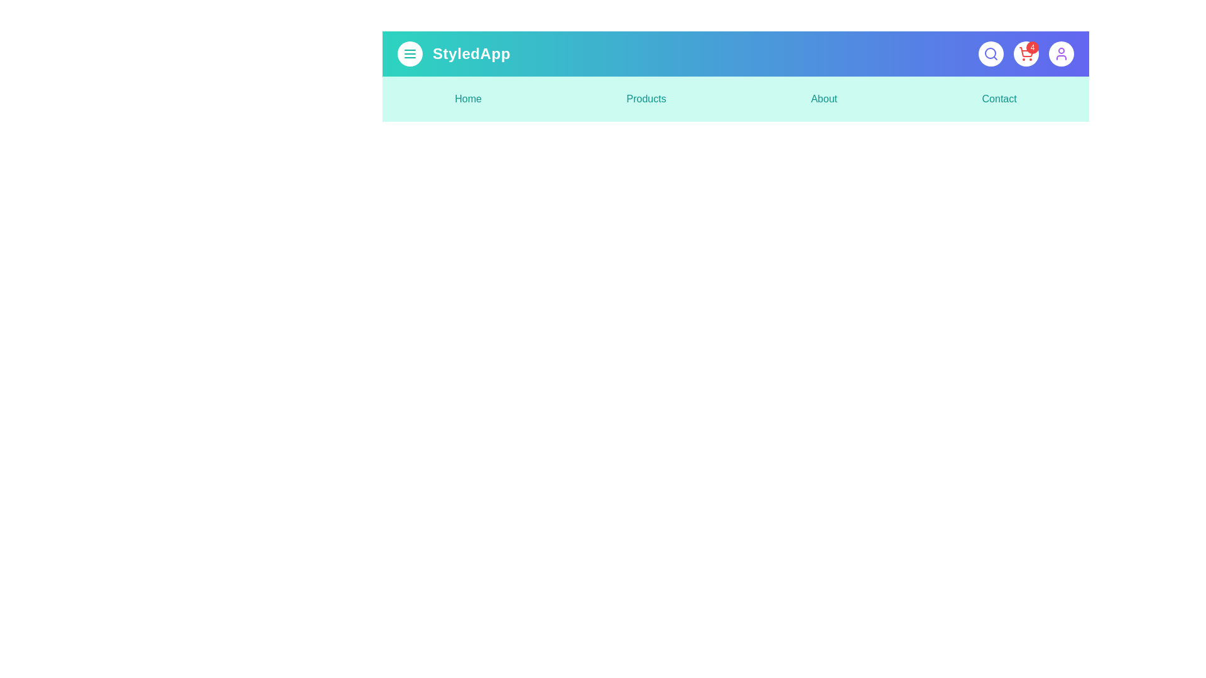 Image resolution: width=1206 pixels, height=678 pixels. I want to click on the hamburger icon to toggle the menu visibility, so click(410, 53).